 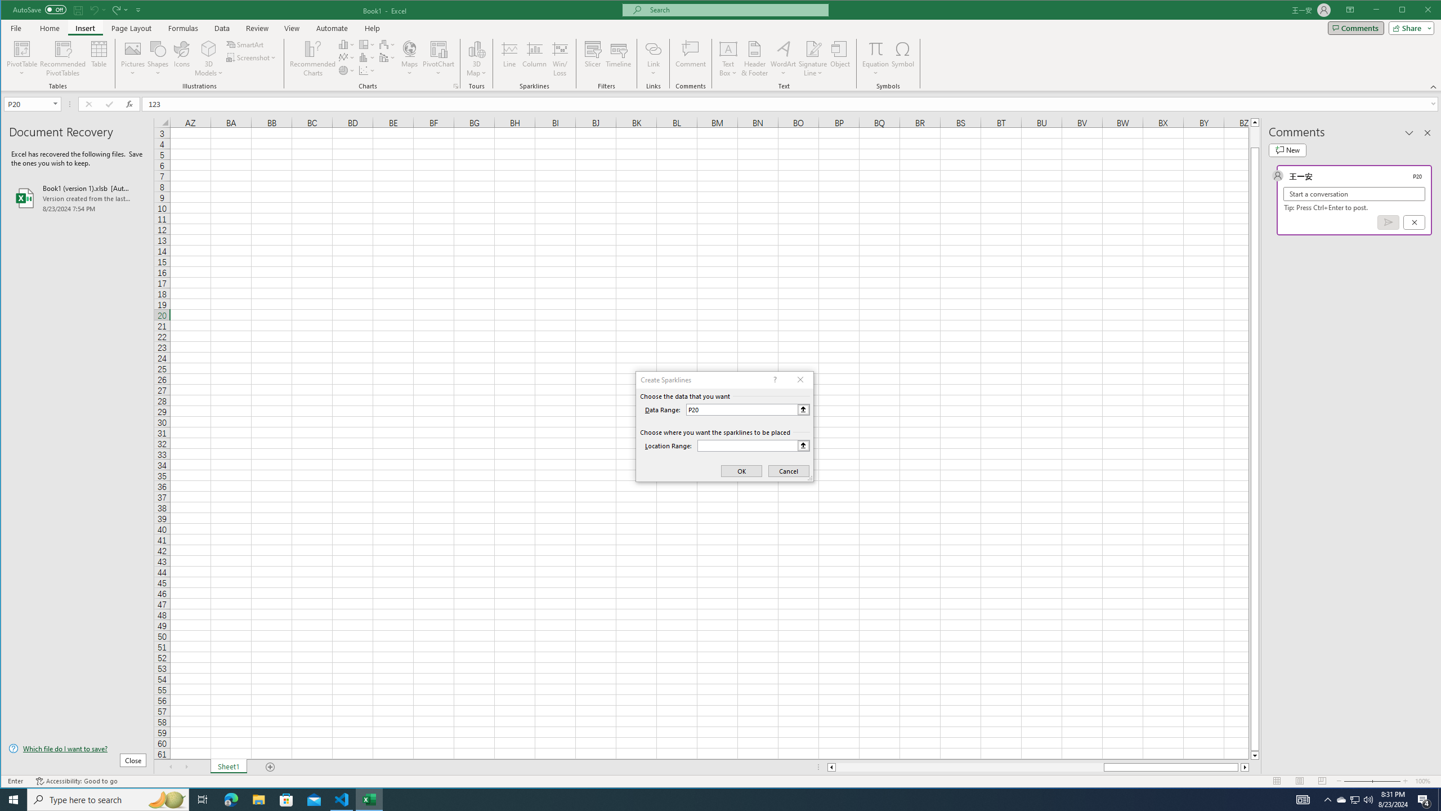 What do you see at coordinates (477, 48) in the screenshot?
I see `'3D Map'` at bounding box center [477, 48].